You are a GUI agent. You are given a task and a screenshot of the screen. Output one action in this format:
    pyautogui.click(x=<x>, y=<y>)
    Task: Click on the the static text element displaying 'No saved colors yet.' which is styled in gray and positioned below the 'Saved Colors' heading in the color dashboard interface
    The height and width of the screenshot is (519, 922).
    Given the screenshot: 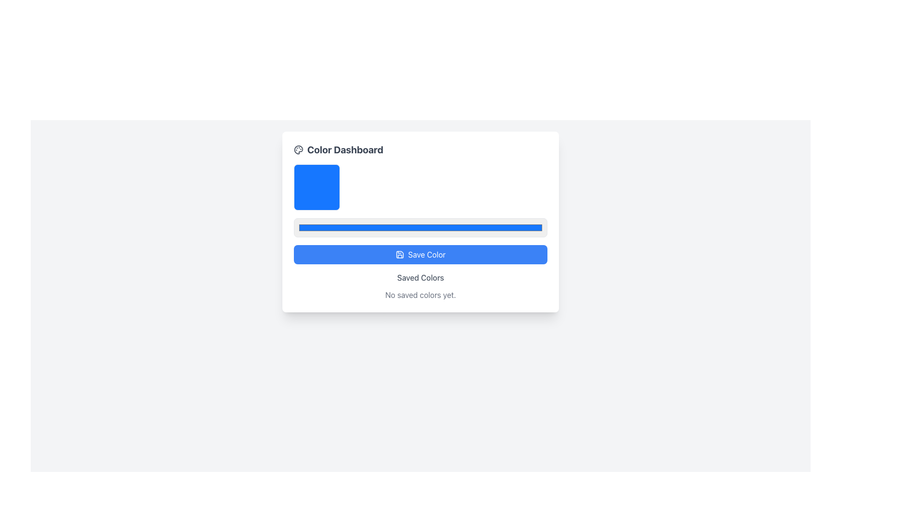 What is the action you would take?
    pyautogui.click(x=420, y=294)
    